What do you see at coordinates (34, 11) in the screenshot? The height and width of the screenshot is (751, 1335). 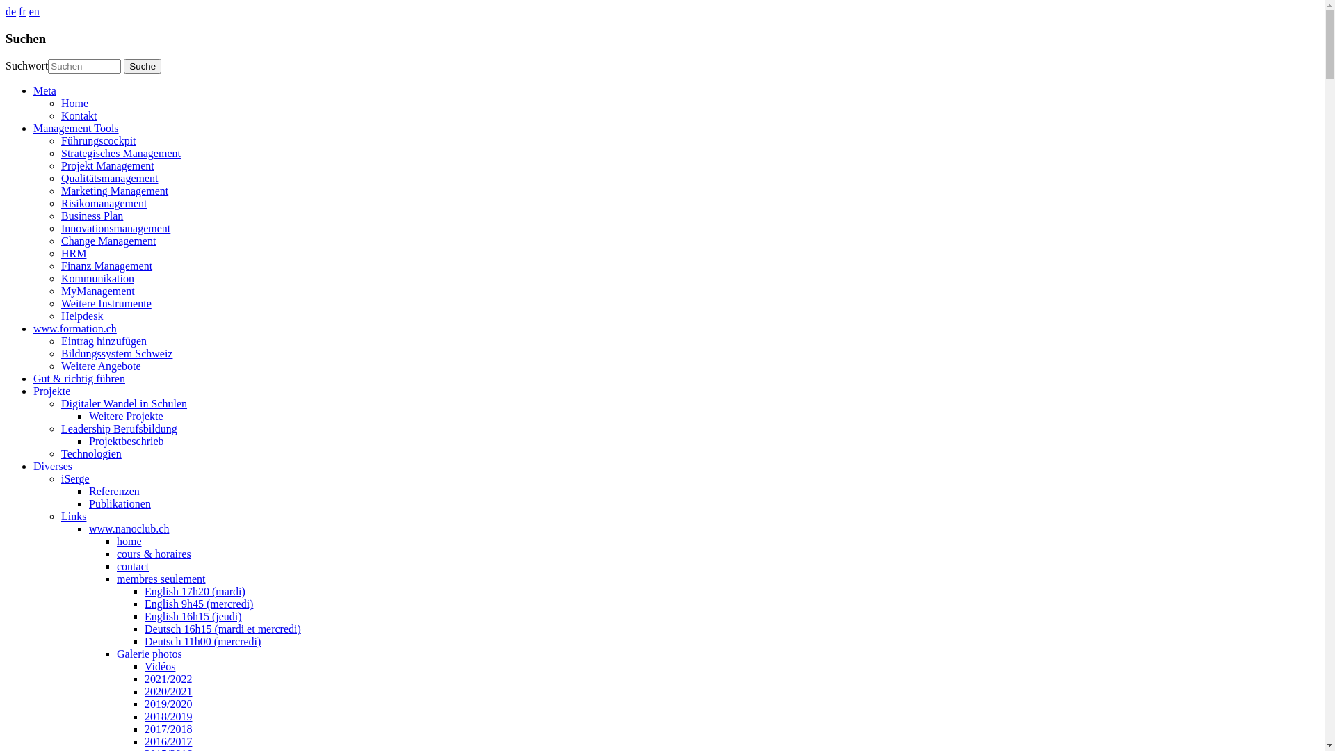 I see `'en'` at bounding box center [34, 11].